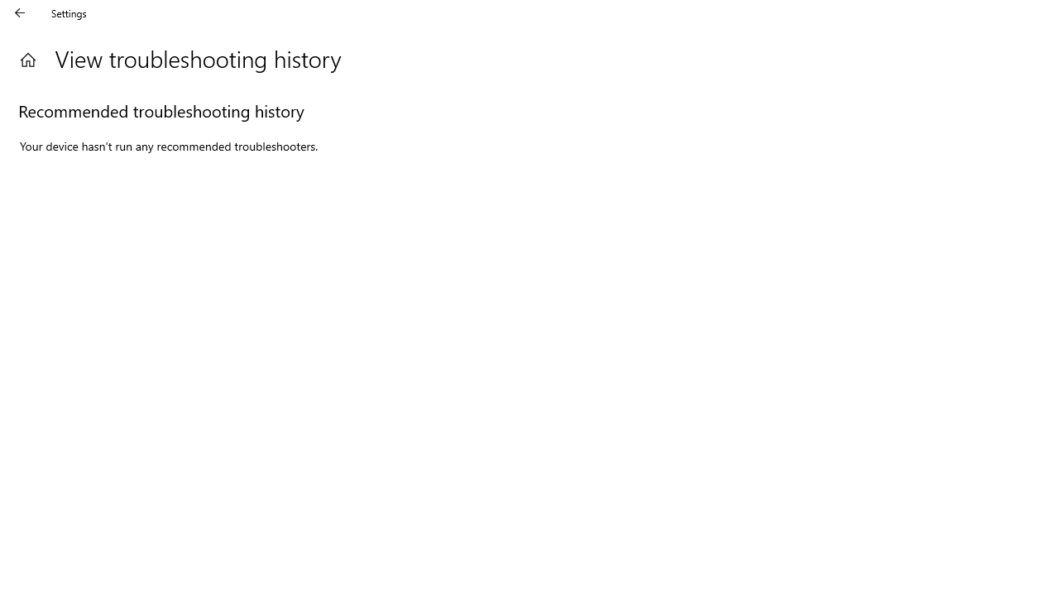 The image size is (1059, 596). Describe the element at coordinates (20, 12) in the screenshot. I see `'Back'` at that location.